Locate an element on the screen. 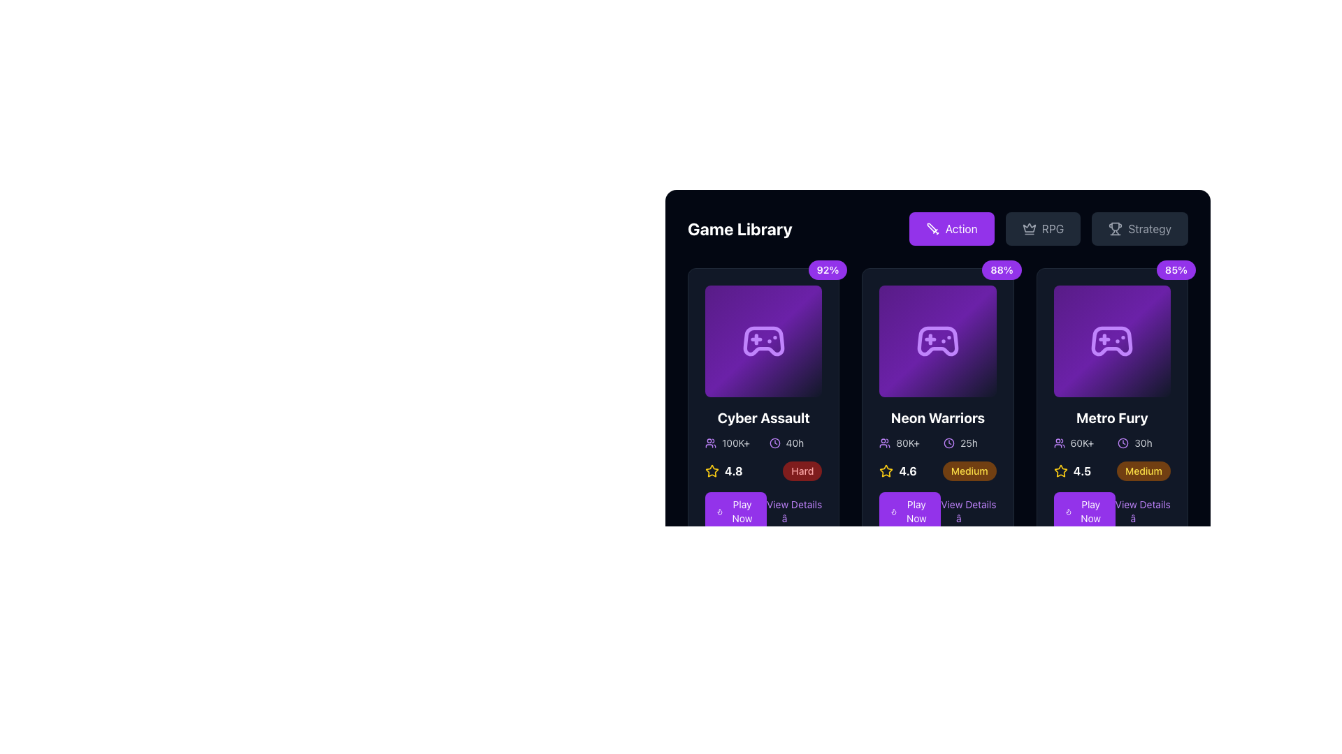 This screenshot has height=754, width=1342. the crown icon located to the left of the 'RPG' label, which has a gray outline and sharp edges, positioned within the top row of buttons is located at coordinates (1029, 228).